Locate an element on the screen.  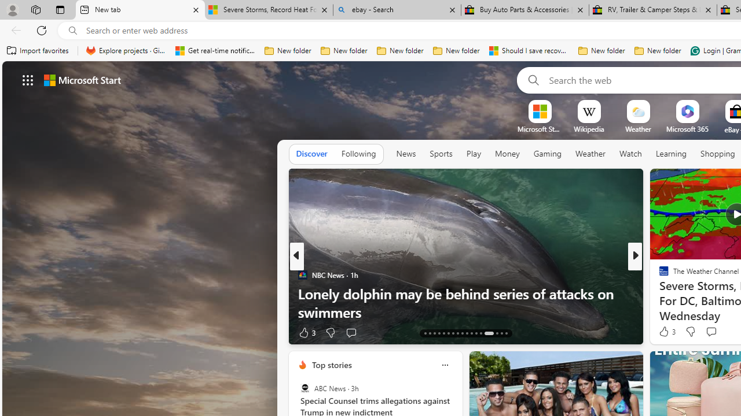
'AutomationID: tab-26' is located at coordinates (489, 333).